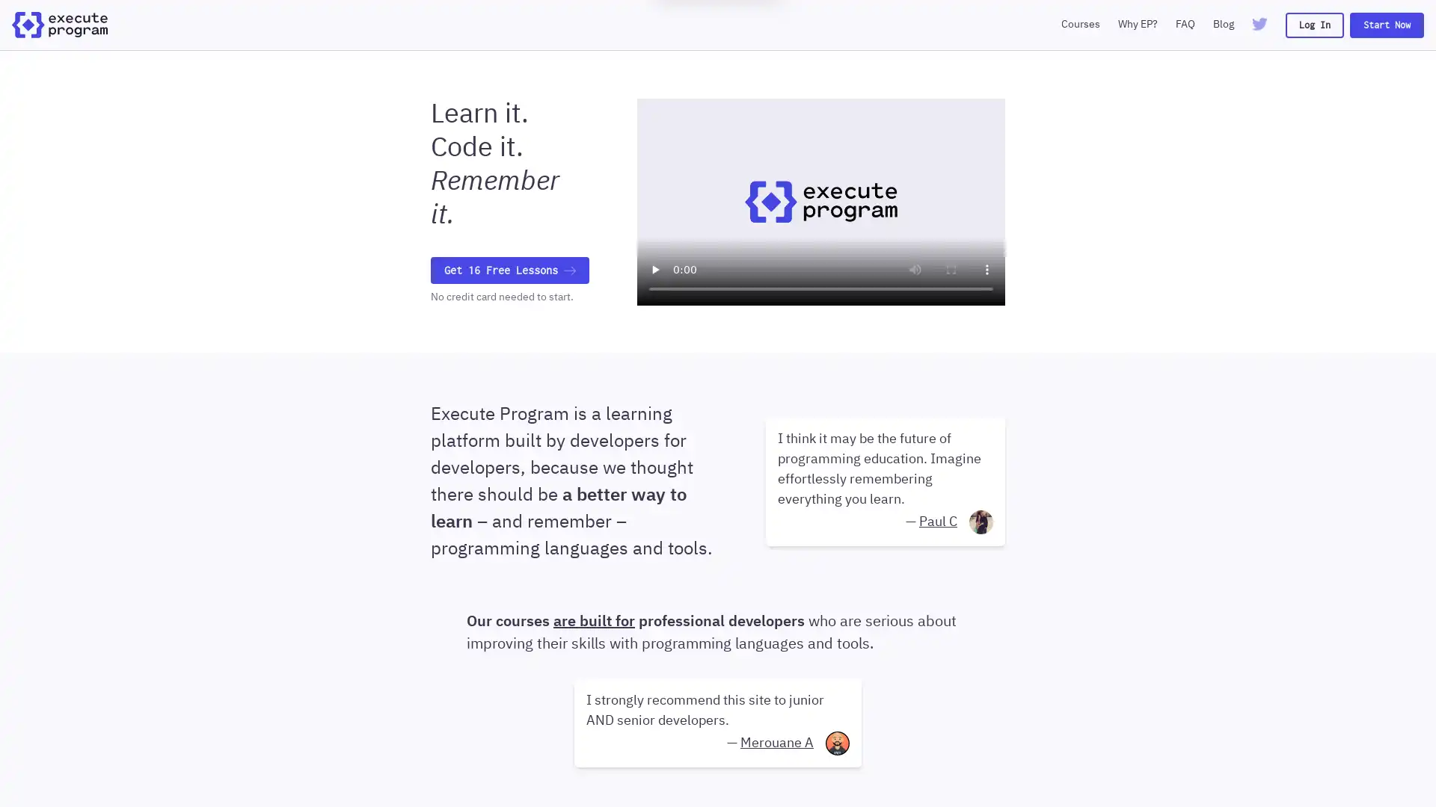  What do you see at coordinates (987, 268) in the screenshot?
I see `show more media controls` at bounding box center [987, 268].